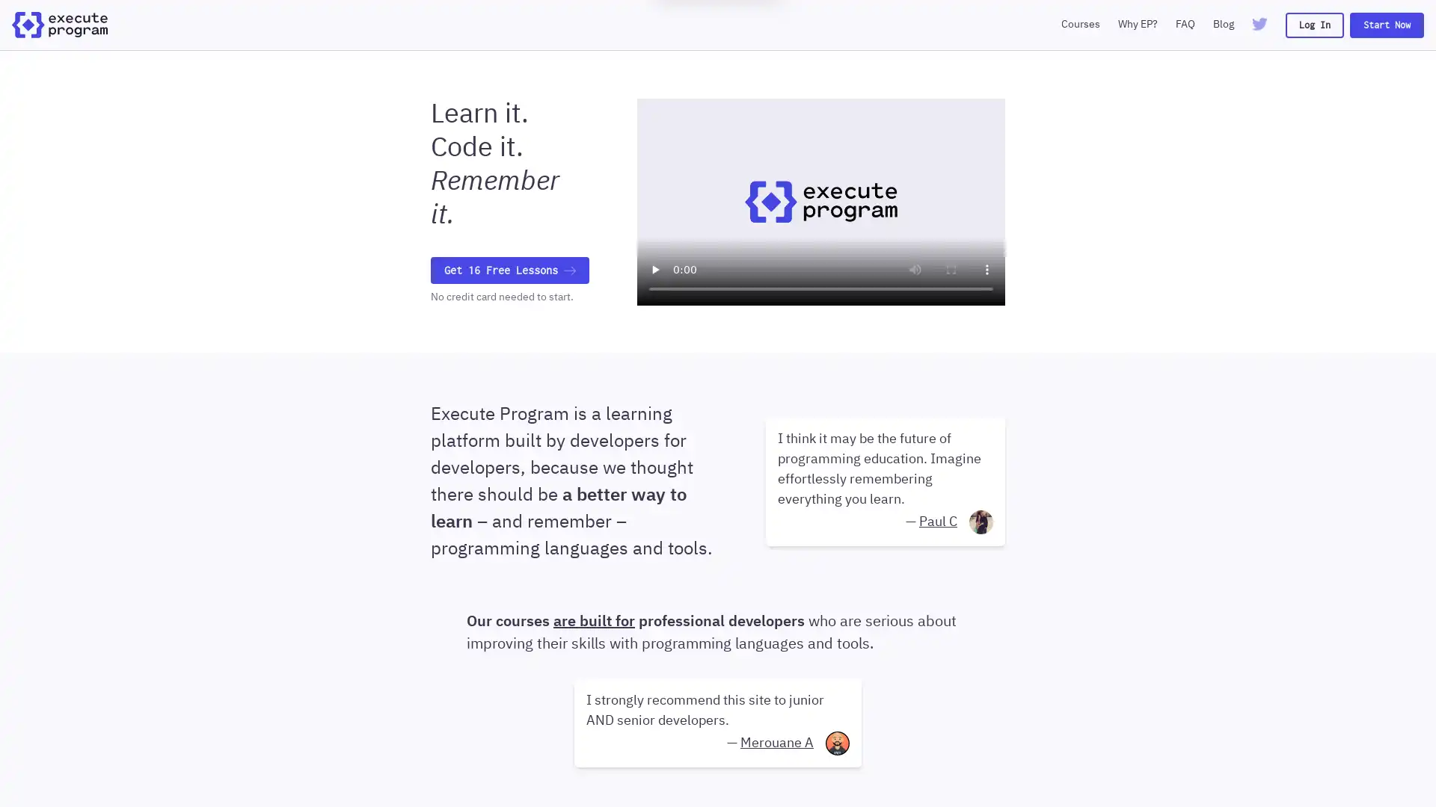  What do you see at coordinates (987, 268) in the screenshot?
I see `show more media controls` at bounding box center [987, 268].